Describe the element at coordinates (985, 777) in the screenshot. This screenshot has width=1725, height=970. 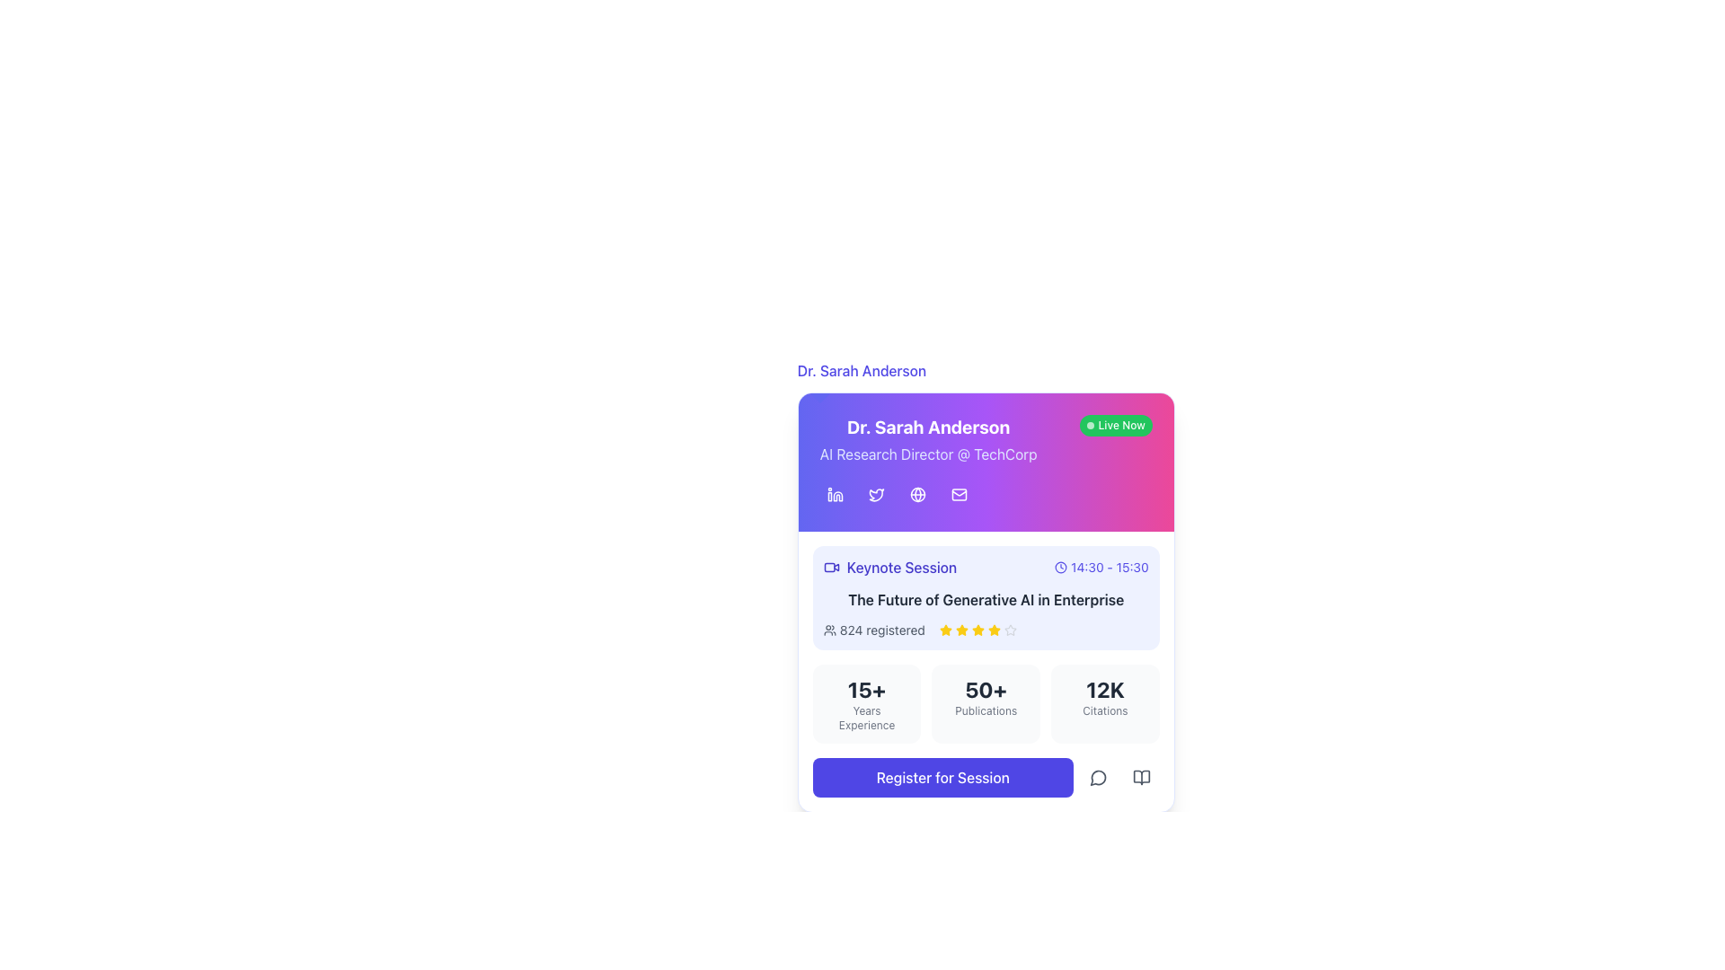
I see `the registration button located at the bottom of the informational card` at that location.